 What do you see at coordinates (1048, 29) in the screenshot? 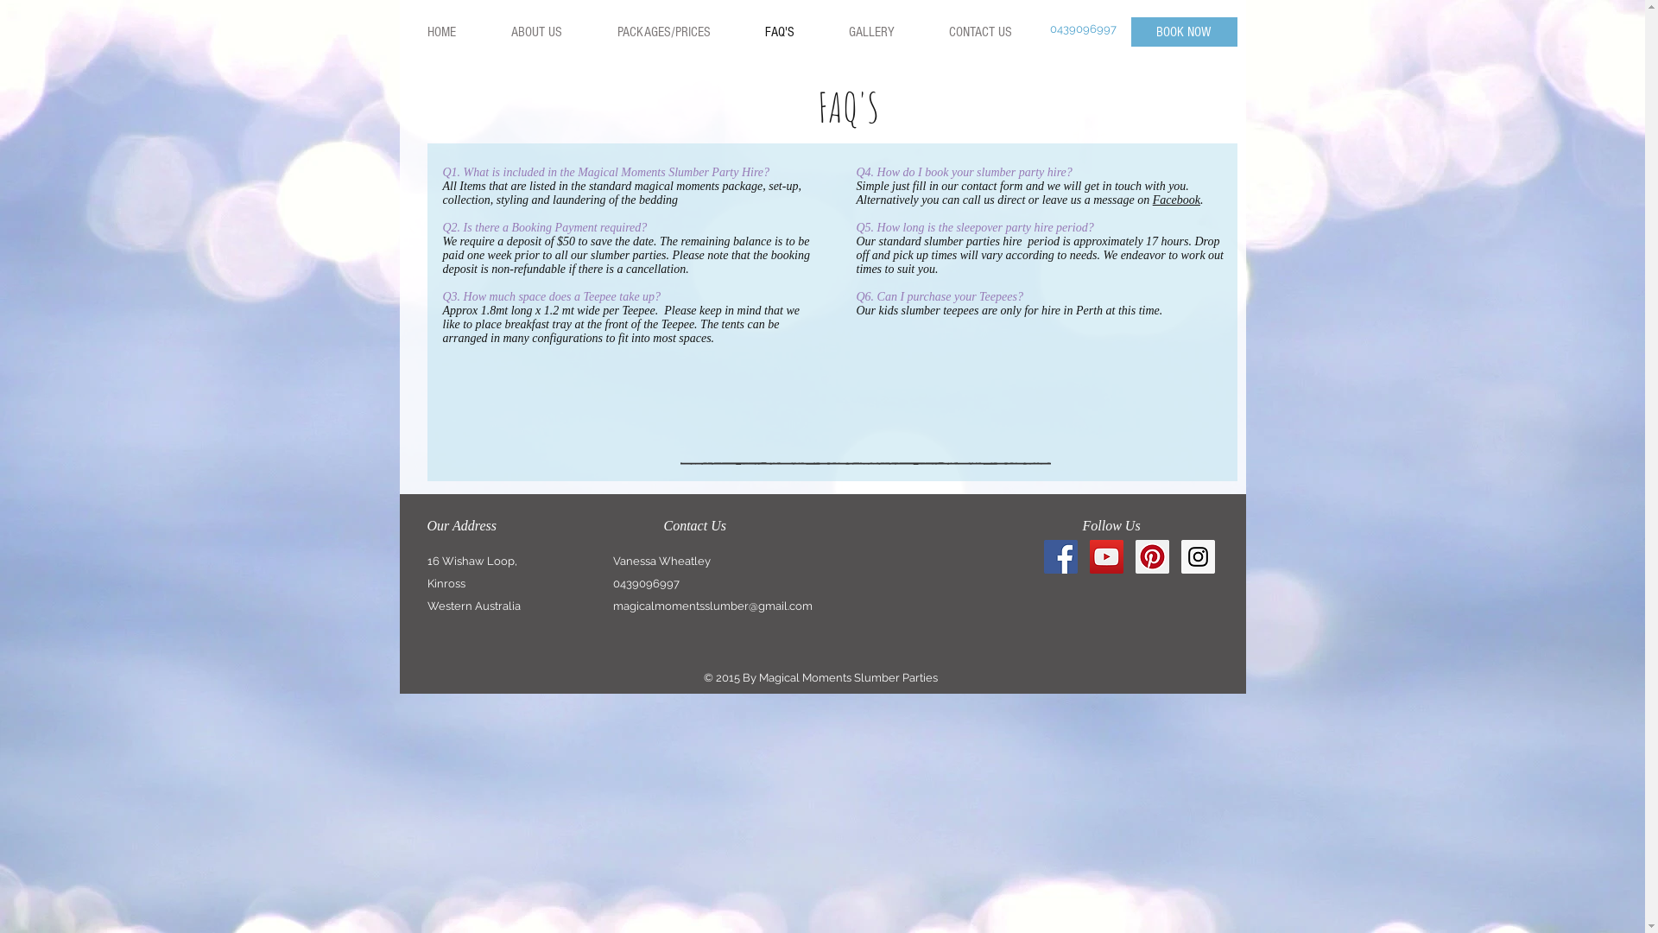
I see `'0439096997'` at bounding box center [1048, 29].